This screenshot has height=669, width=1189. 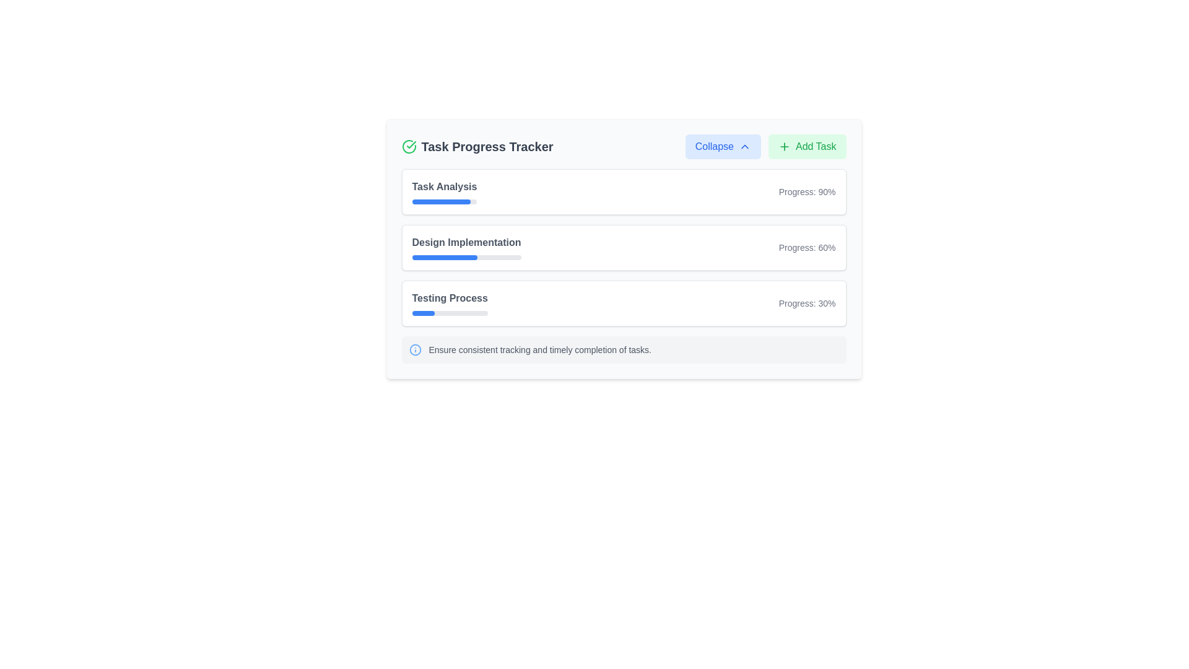 I want to click on blue progress indicator bar, which represents approximately 30% progress within the 'Testing Process' section, located at the specified center coordinates, so click(x=423, y=312).